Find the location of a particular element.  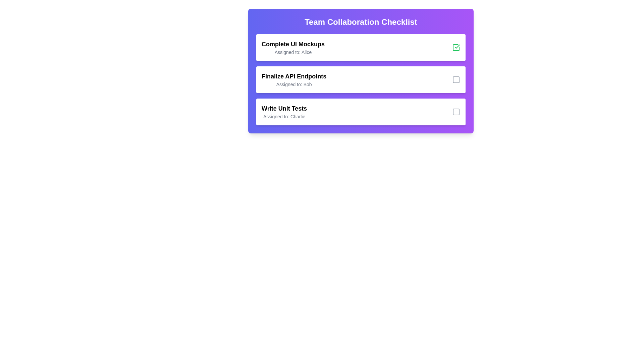

the informational Text Label indicating the assignment status for the task beneath the title 'Write Unit Tests' is located at coordinates (284, 116).